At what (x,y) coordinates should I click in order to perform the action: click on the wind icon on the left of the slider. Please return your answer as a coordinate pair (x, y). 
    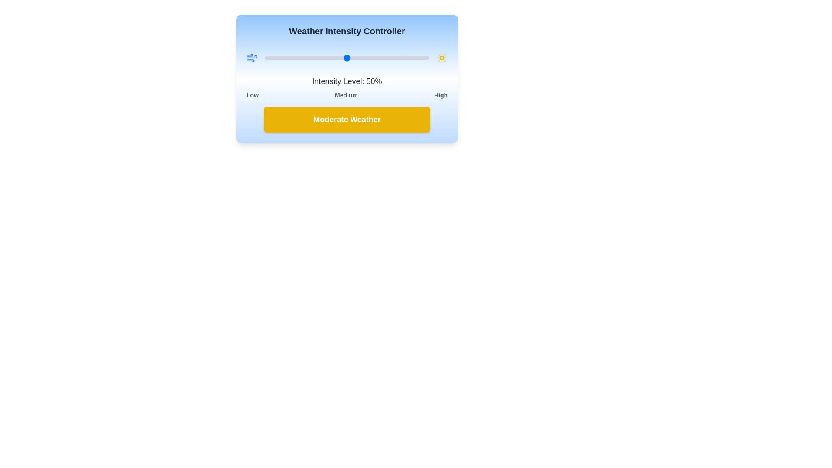
    Looking at the image, I should click on (251, 58).